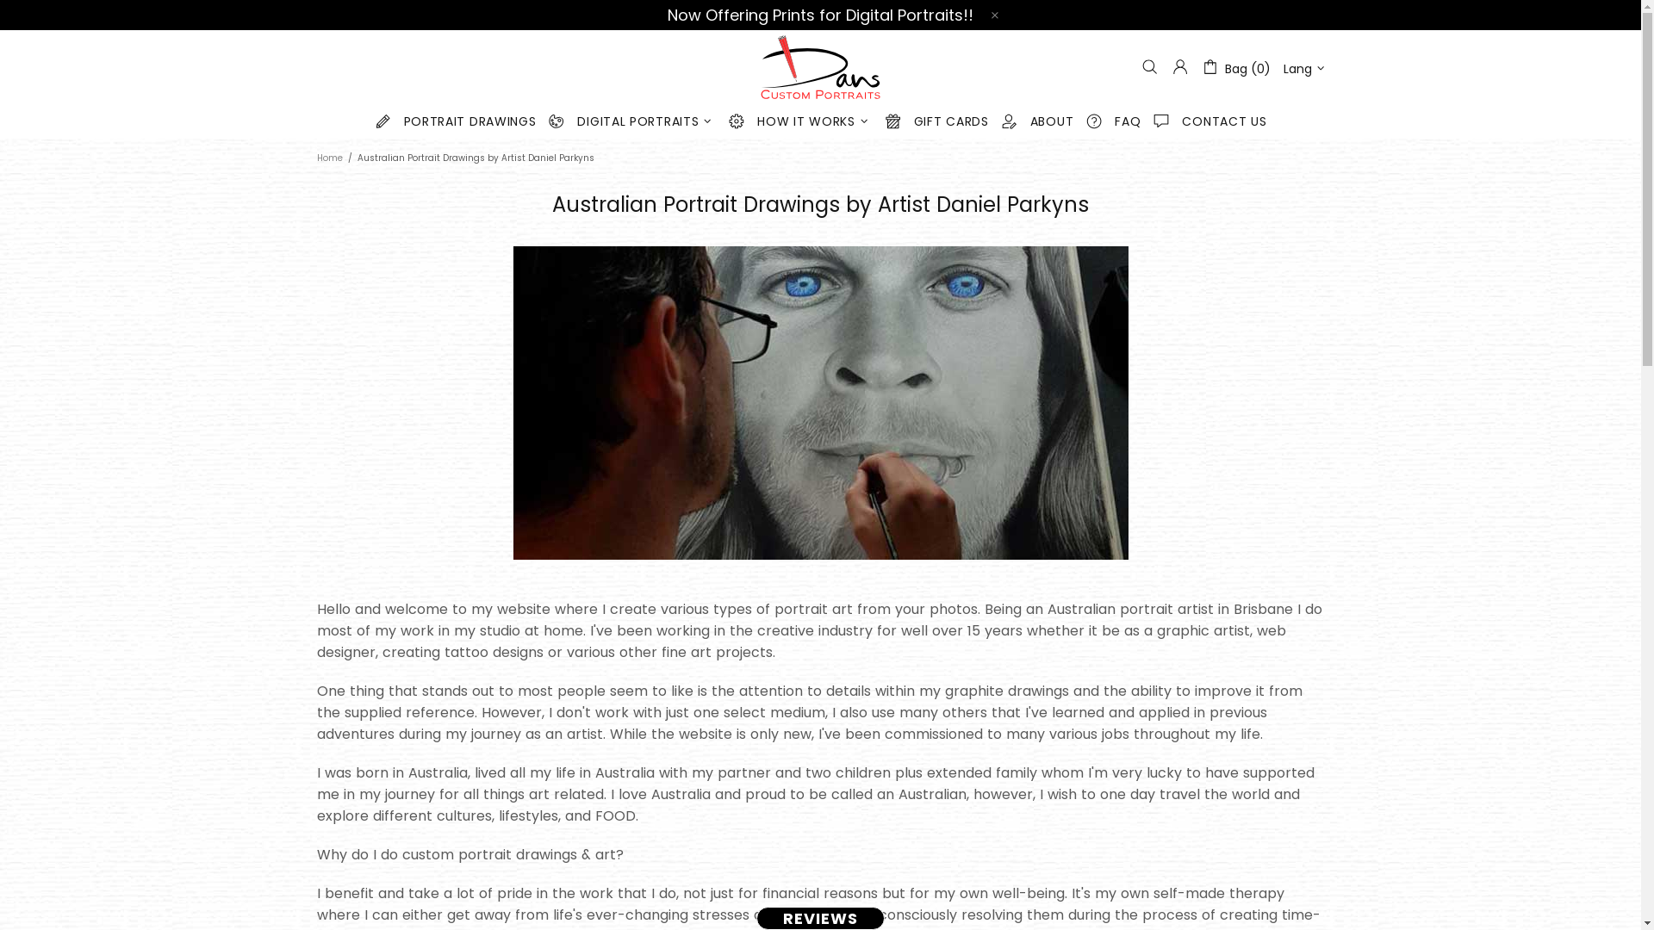 The height and width of the screenshot is (930, 1654). I want to click on 'GIFT CARDS', so click(936, 121).